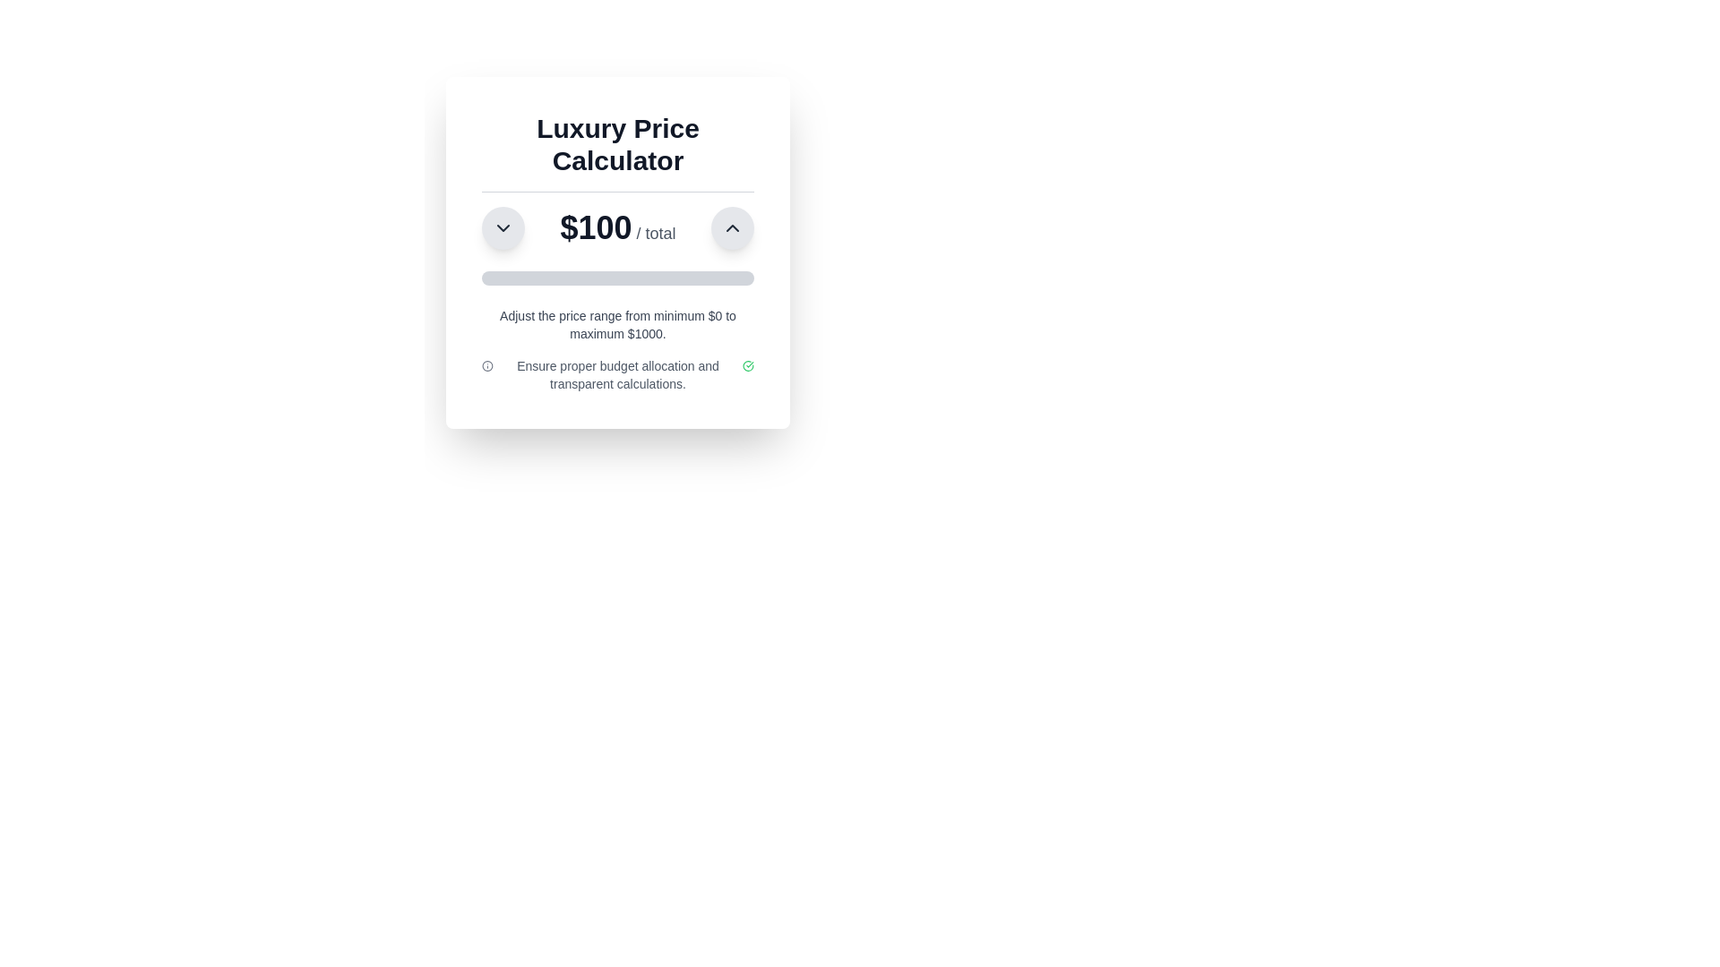 The height and width of the screenshot is (967, 1720). I want to click on the text label displaying the current calculated total cost, which is centered below the 'Luxury Price Calculator' heading and flanked by circular buttons, so click(618, 219).